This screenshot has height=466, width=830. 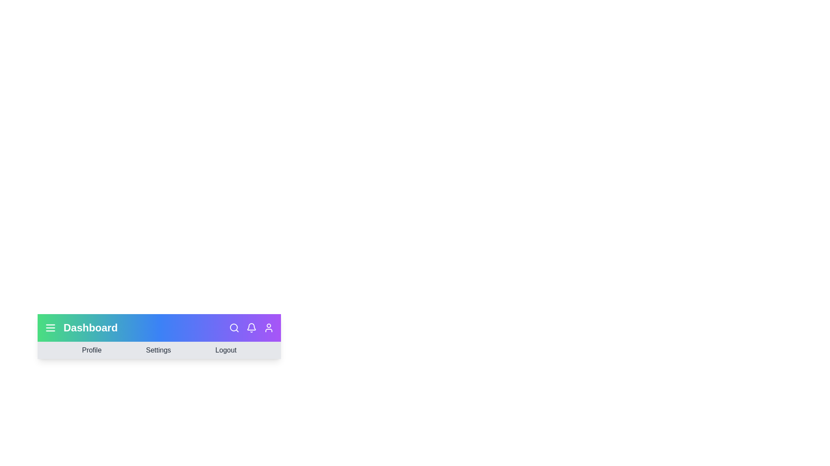 I want to click on the 'Profile' menu item in the navigation bar, so click(x=91, y=350).